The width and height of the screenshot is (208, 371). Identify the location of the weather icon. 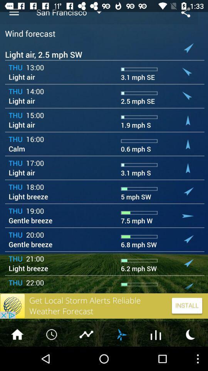
(121, 357).